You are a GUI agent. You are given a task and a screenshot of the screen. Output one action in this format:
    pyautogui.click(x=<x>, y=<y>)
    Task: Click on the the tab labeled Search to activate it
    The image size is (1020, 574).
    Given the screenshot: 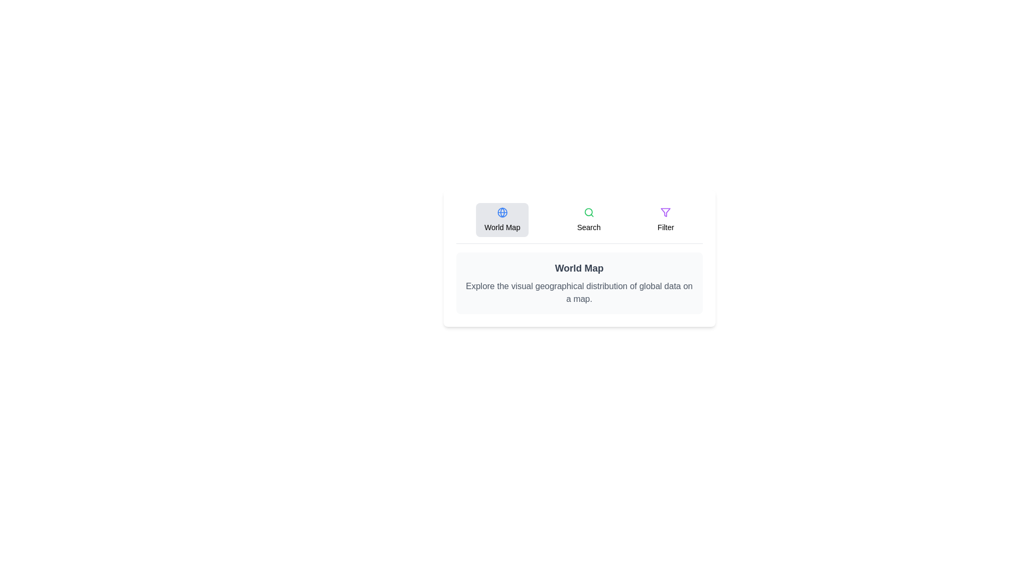 What is the action you would take?
    pyautogui.click(x=588, y=219)
    